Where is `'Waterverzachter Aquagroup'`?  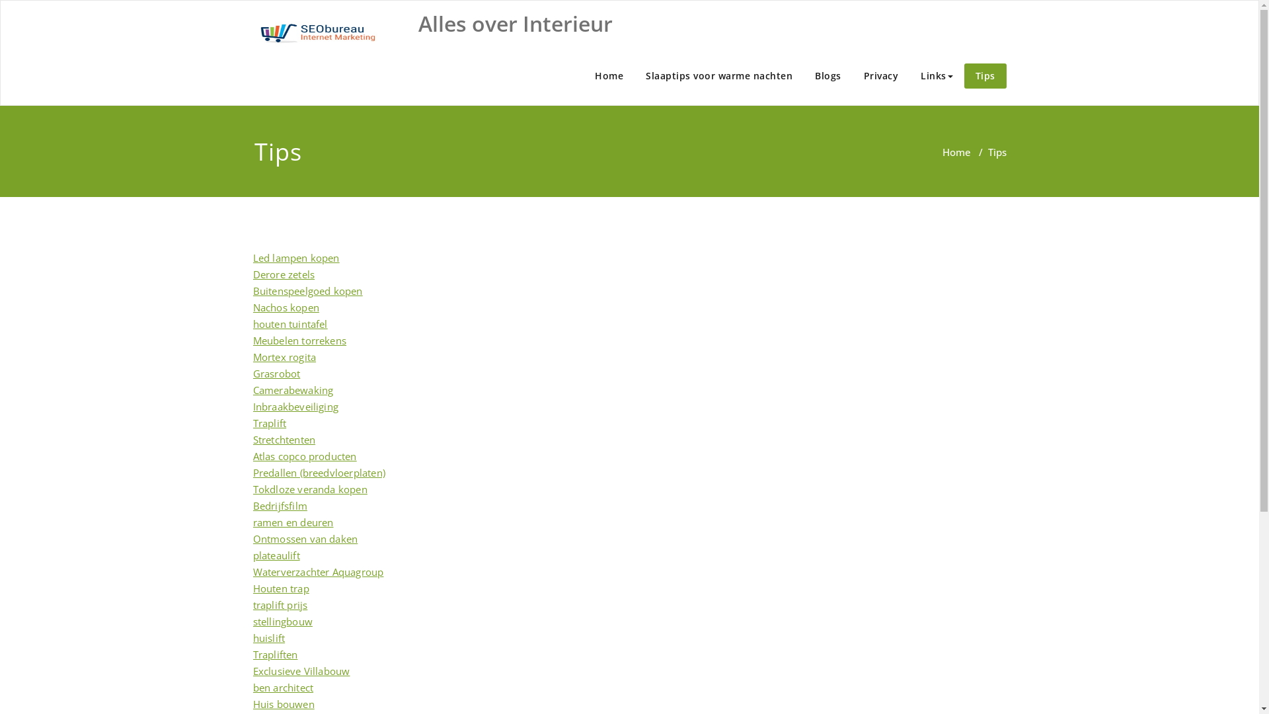
'Waterverzachter Aquagroup' is located at coordinates (252, 571).